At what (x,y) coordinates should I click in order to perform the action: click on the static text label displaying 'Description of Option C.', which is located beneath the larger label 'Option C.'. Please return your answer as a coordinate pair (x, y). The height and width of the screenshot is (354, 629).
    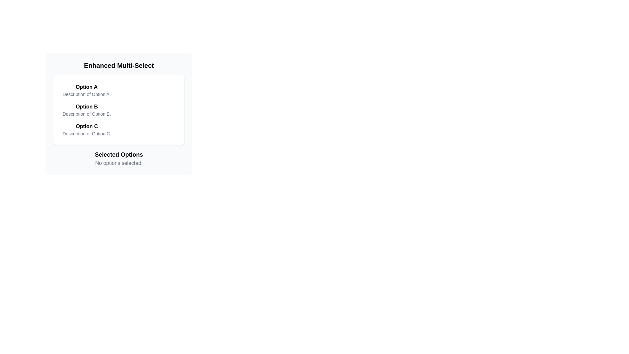
    Looking at the image, I should click on (86, 133).